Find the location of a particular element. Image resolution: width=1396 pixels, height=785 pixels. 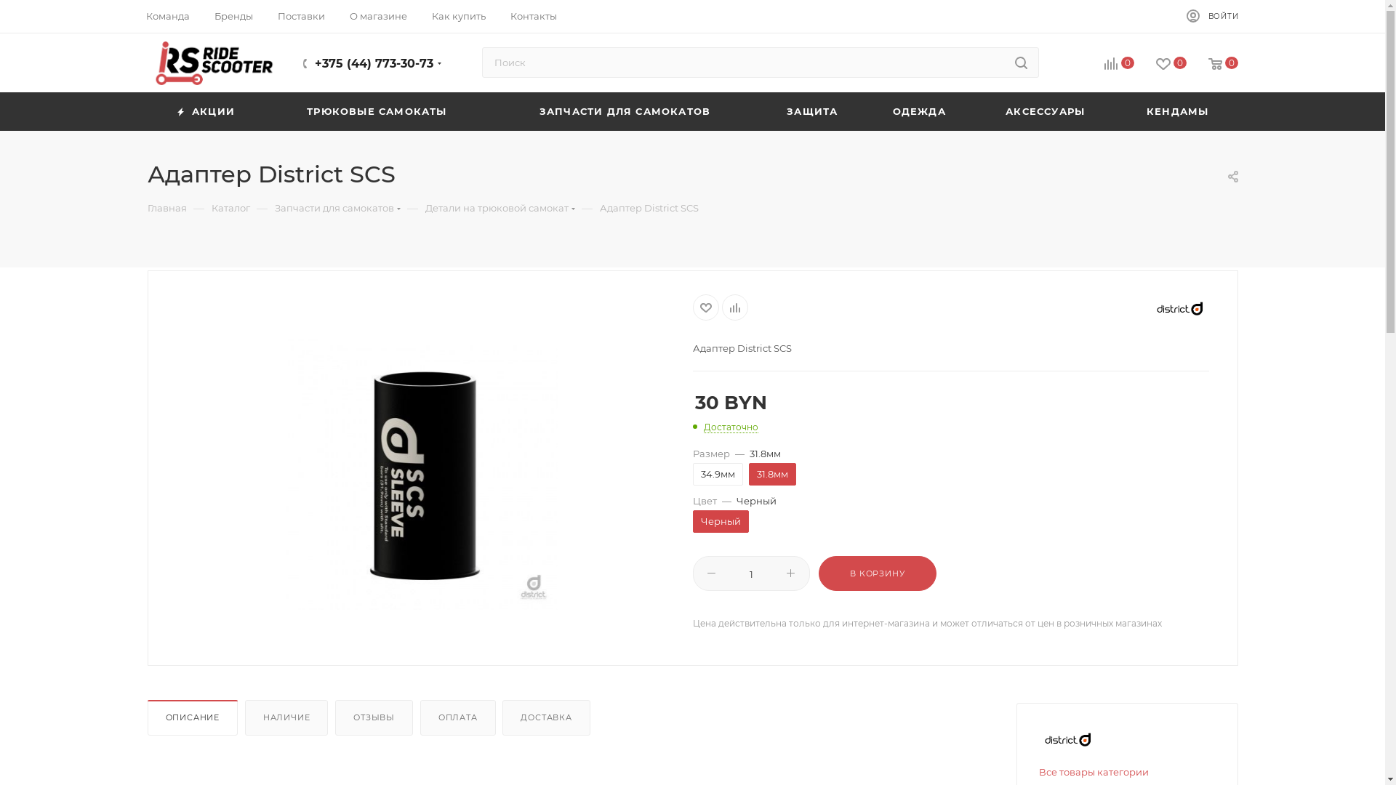

'+375 (44) 773-30-73' is located at coordinates (313, 63).